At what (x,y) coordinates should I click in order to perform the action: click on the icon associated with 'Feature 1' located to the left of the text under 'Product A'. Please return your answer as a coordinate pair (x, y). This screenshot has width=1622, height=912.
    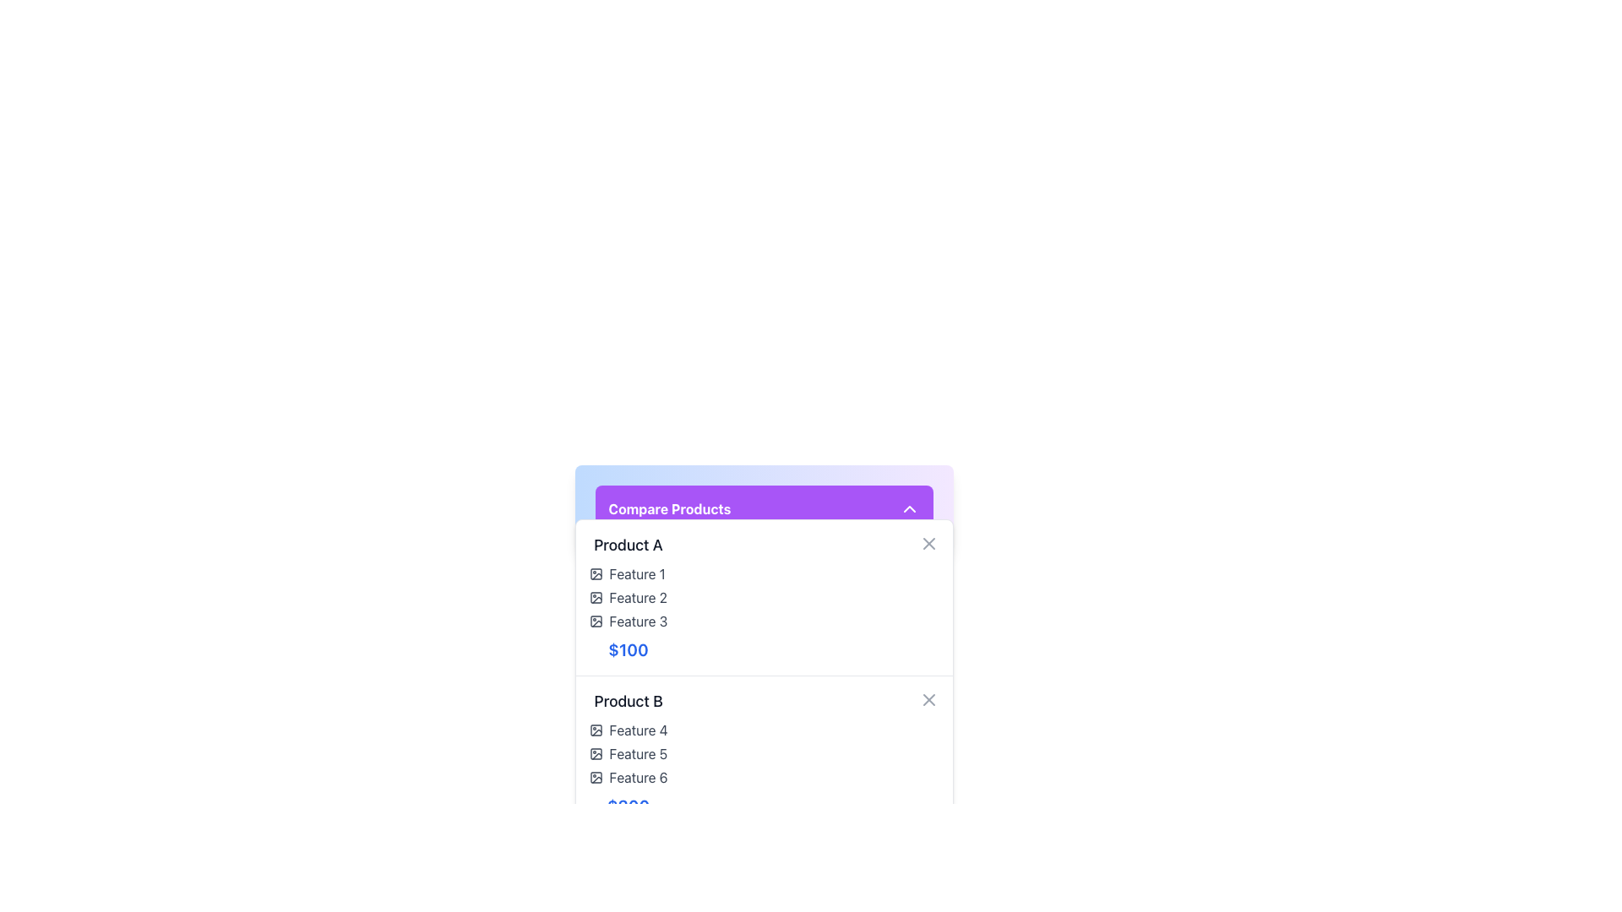
    Looking at the image, I should click on (596, 573).